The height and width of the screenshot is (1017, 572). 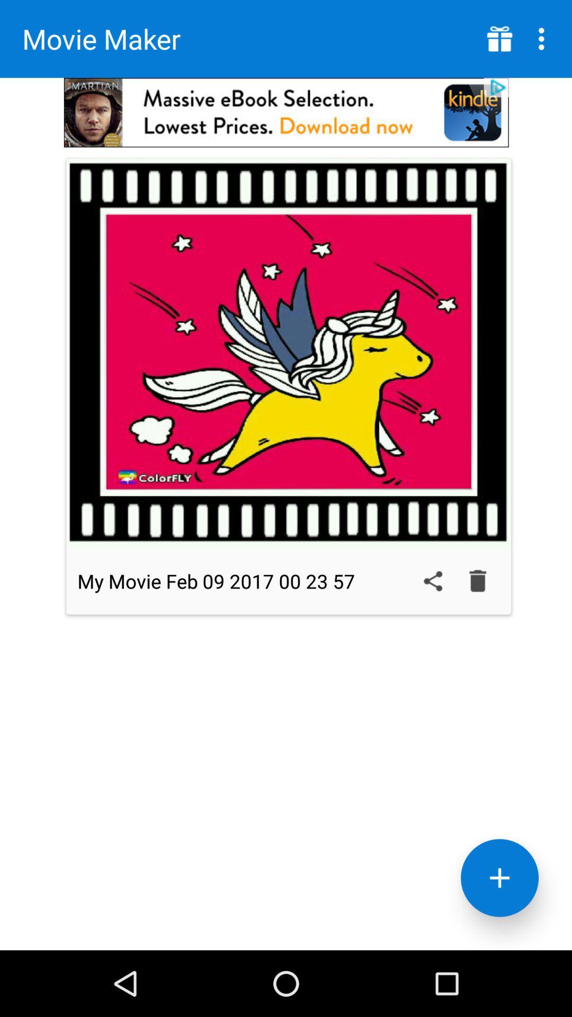 What do you see at coordinates (478, 581) in the screenshot?
I see `trash image` at bounding box center [478, 581].